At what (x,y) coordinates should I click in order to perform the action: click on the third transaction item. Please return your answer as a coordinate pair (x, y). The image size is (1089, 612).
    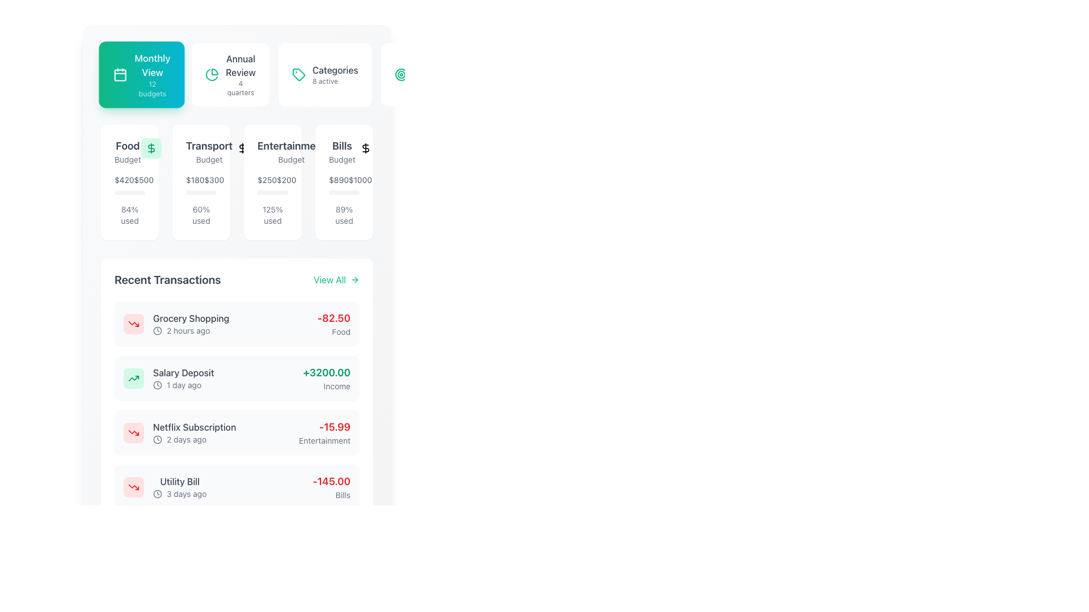
    Looking at the image, I should click on (236, 432).